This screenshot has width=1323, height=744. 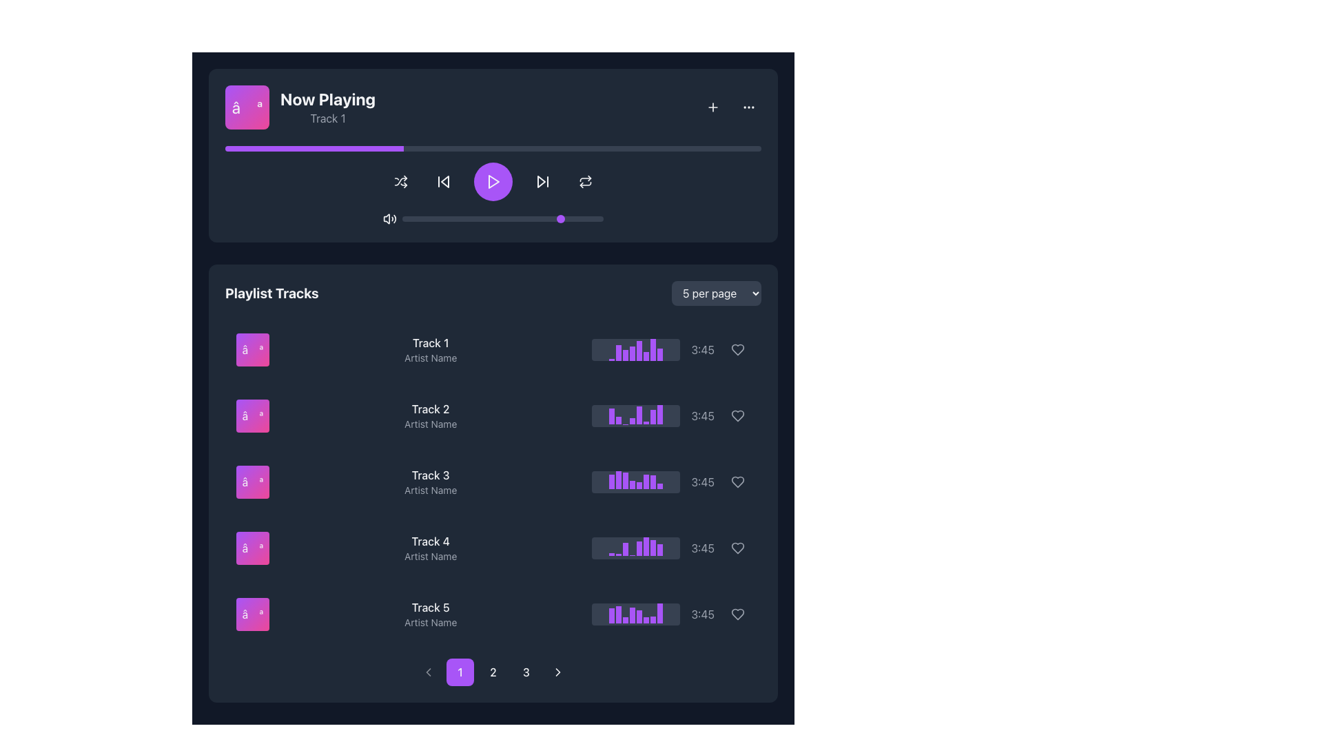 I want to click on the fifth vertical bar in the histogram representation of the track's playback metrics located in the playlist section, so click(x=639, y=414).